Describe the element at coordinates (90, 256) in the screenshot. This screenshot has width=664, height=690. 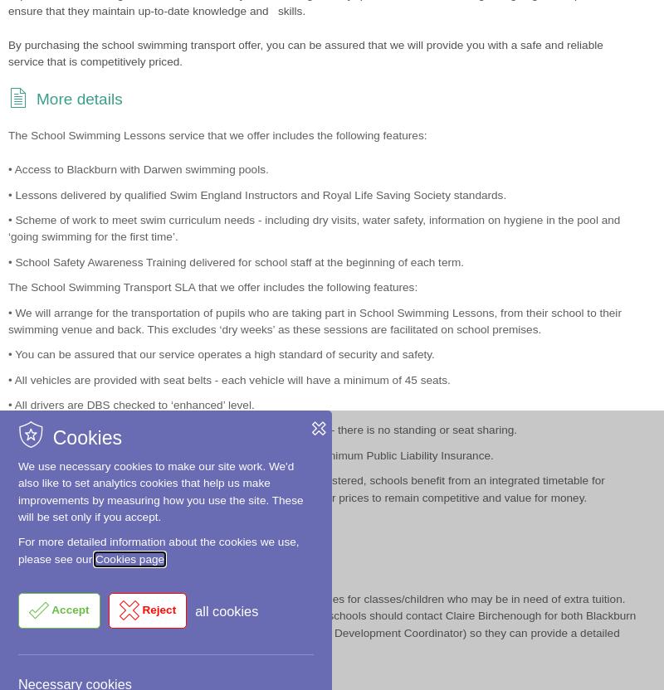
I see `'Communication'` at that location.